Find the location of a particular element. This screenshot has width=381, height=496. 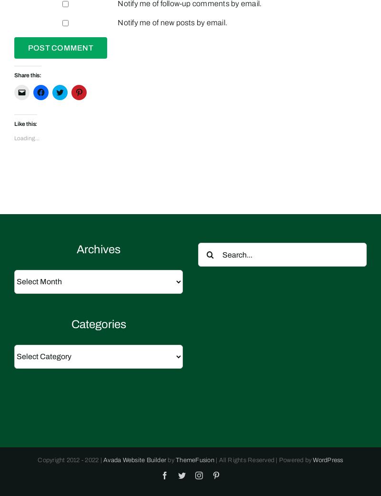

'Avada Website Builder' is located at coordinates (135, 459).